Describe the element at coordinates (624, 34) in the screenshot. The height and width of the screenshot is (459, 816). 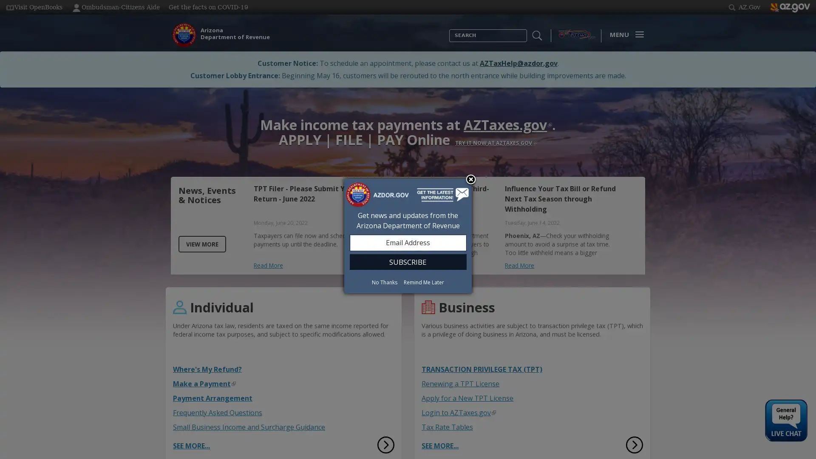
I see `MENU` at that location.